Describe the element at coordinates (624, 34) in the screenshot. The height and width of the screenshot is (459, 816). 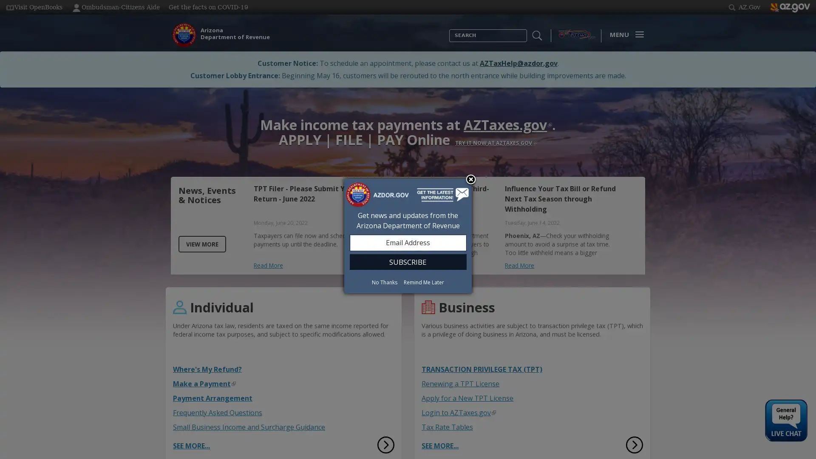
I see `MENU` at that location.